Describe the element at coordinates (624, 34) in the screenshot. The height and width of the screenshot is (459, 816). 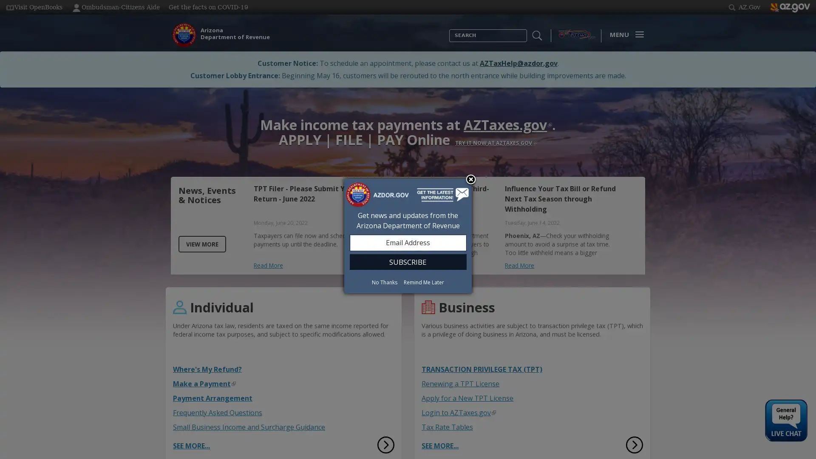
I see `MENU` at that location.